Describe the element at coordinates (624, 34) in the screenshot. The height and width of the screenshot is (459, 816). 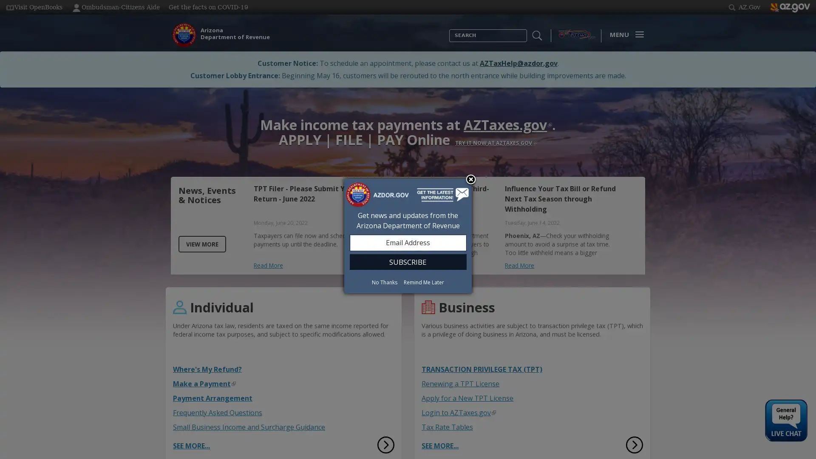
I see `MENU` at that location.